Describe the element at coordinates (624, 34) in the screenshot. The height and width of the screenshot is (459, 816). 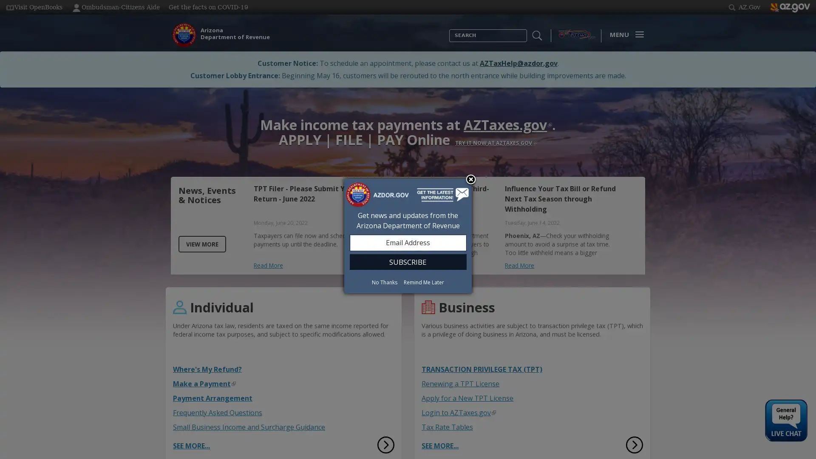
I see `MENU` at that location.